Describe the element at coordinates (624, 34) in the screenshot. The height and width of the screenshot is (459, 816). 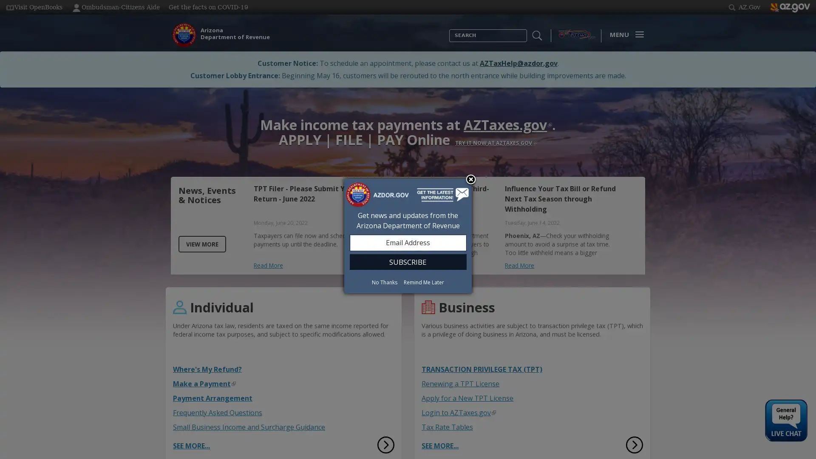
I see `MENU` at that location.